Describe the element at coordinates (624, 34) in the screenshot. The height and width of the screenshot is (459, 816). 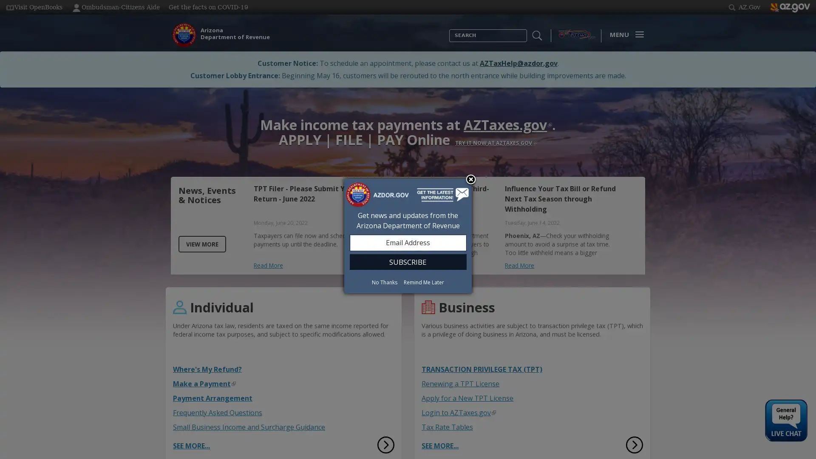
I see `MENU` at that location.